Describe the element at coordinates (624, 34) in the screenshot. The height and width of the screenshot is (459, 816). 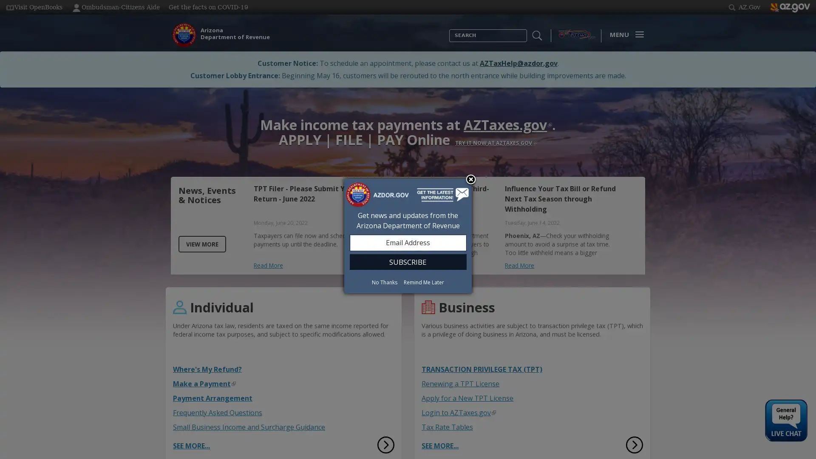
I see `MENU` at that location.